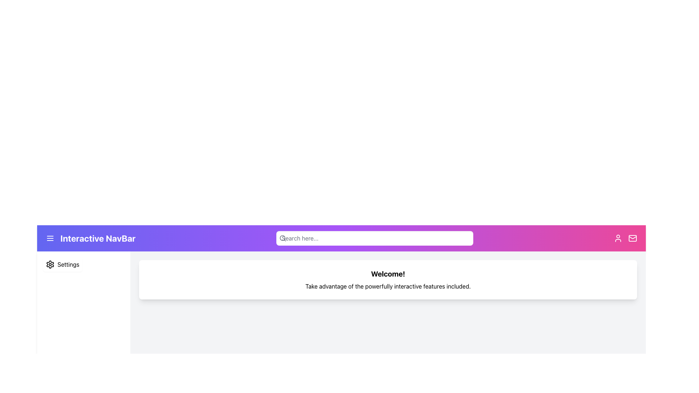 Image resolution: width=699 pixels, height=393 pixels. Describe the element at coordinates (98, 238) in the screenshot. I see `the 'Interactive NavBar' text label located in the top navigation bar, which is styled with a bold font and a purple gradient background` at that location.